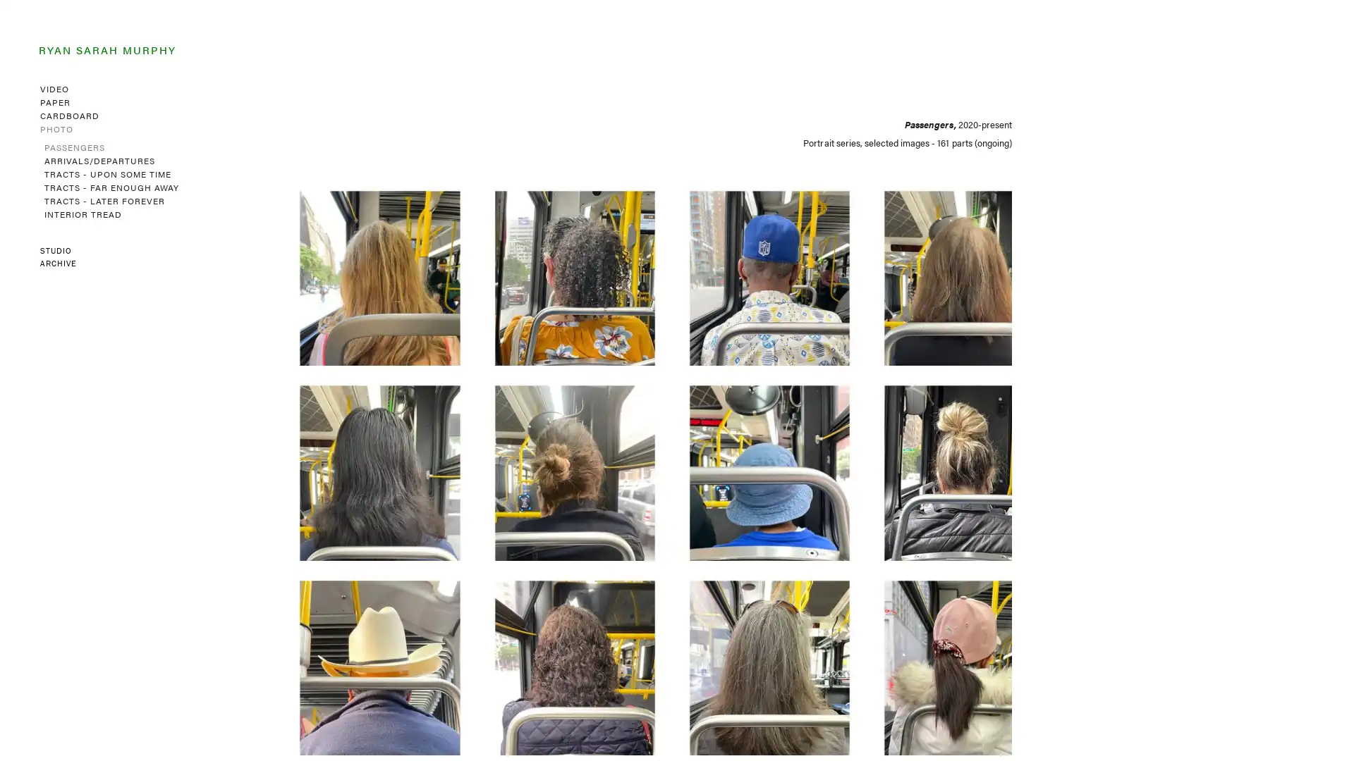 The width and height of the screenshot is (1354, 761). I want to click on View fullsize Passenger 154-.jpeg, so click(923, 454).